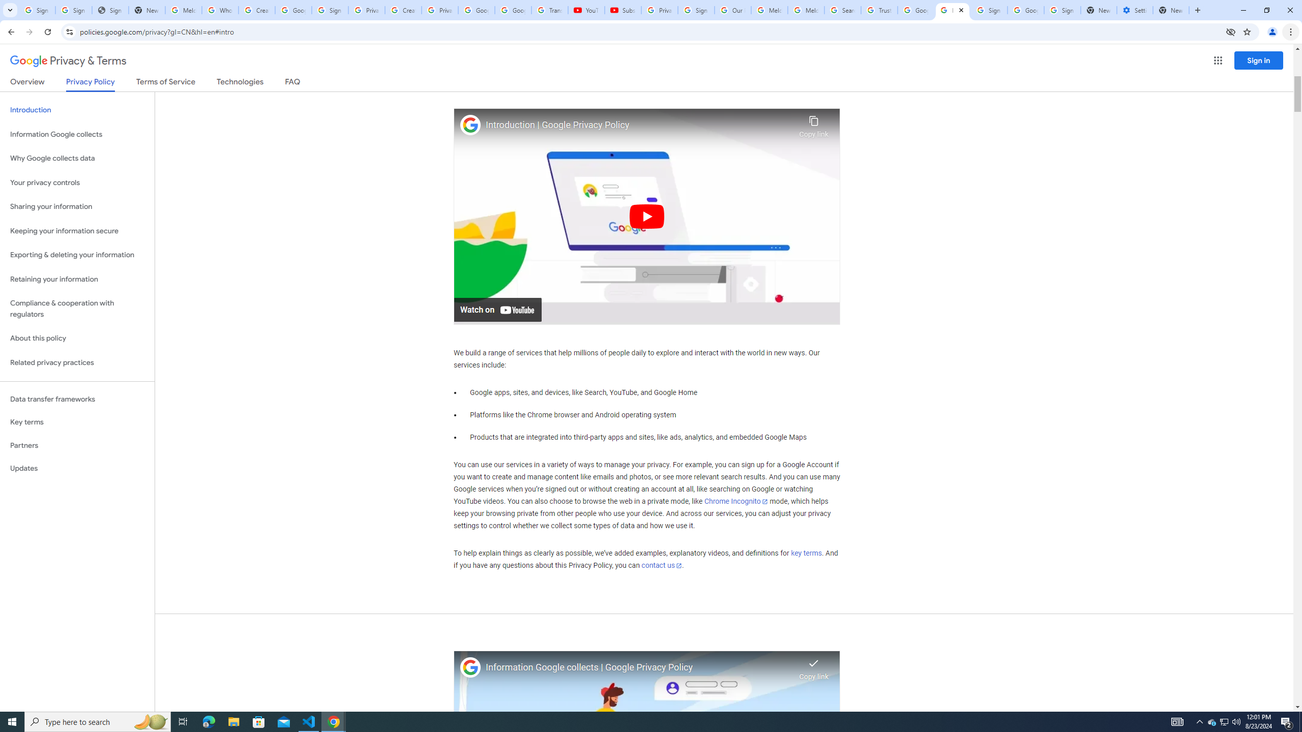 The image size is (1302, 732). What do you see at coordinates (77, 339) in the screenshot?
I see `'About this policy'` at bounding box center [77, 339].